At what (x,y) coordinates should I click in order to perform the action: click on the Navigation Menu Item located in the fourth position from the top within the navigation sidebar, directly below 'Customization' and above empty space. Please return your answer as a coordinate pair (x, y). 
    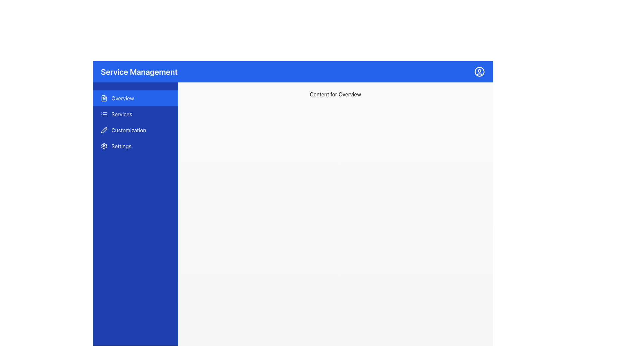
    Looking at the image, I should click on (135, 146).